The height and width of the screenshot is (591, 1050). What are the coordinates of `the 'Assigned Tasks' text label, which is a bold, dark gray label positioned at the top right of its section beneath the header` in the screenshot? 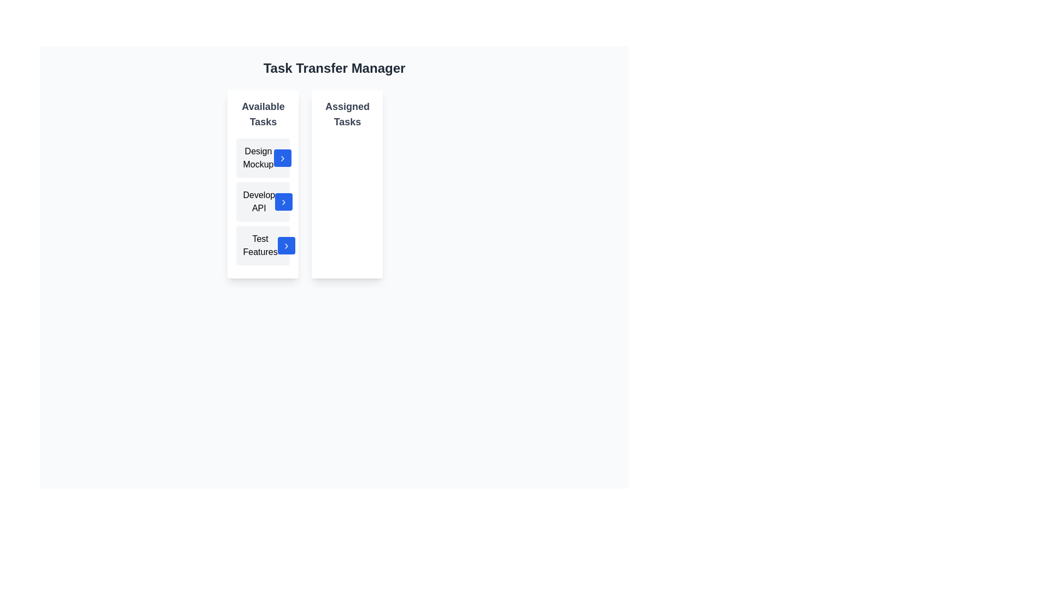 It's located at (347, 114).